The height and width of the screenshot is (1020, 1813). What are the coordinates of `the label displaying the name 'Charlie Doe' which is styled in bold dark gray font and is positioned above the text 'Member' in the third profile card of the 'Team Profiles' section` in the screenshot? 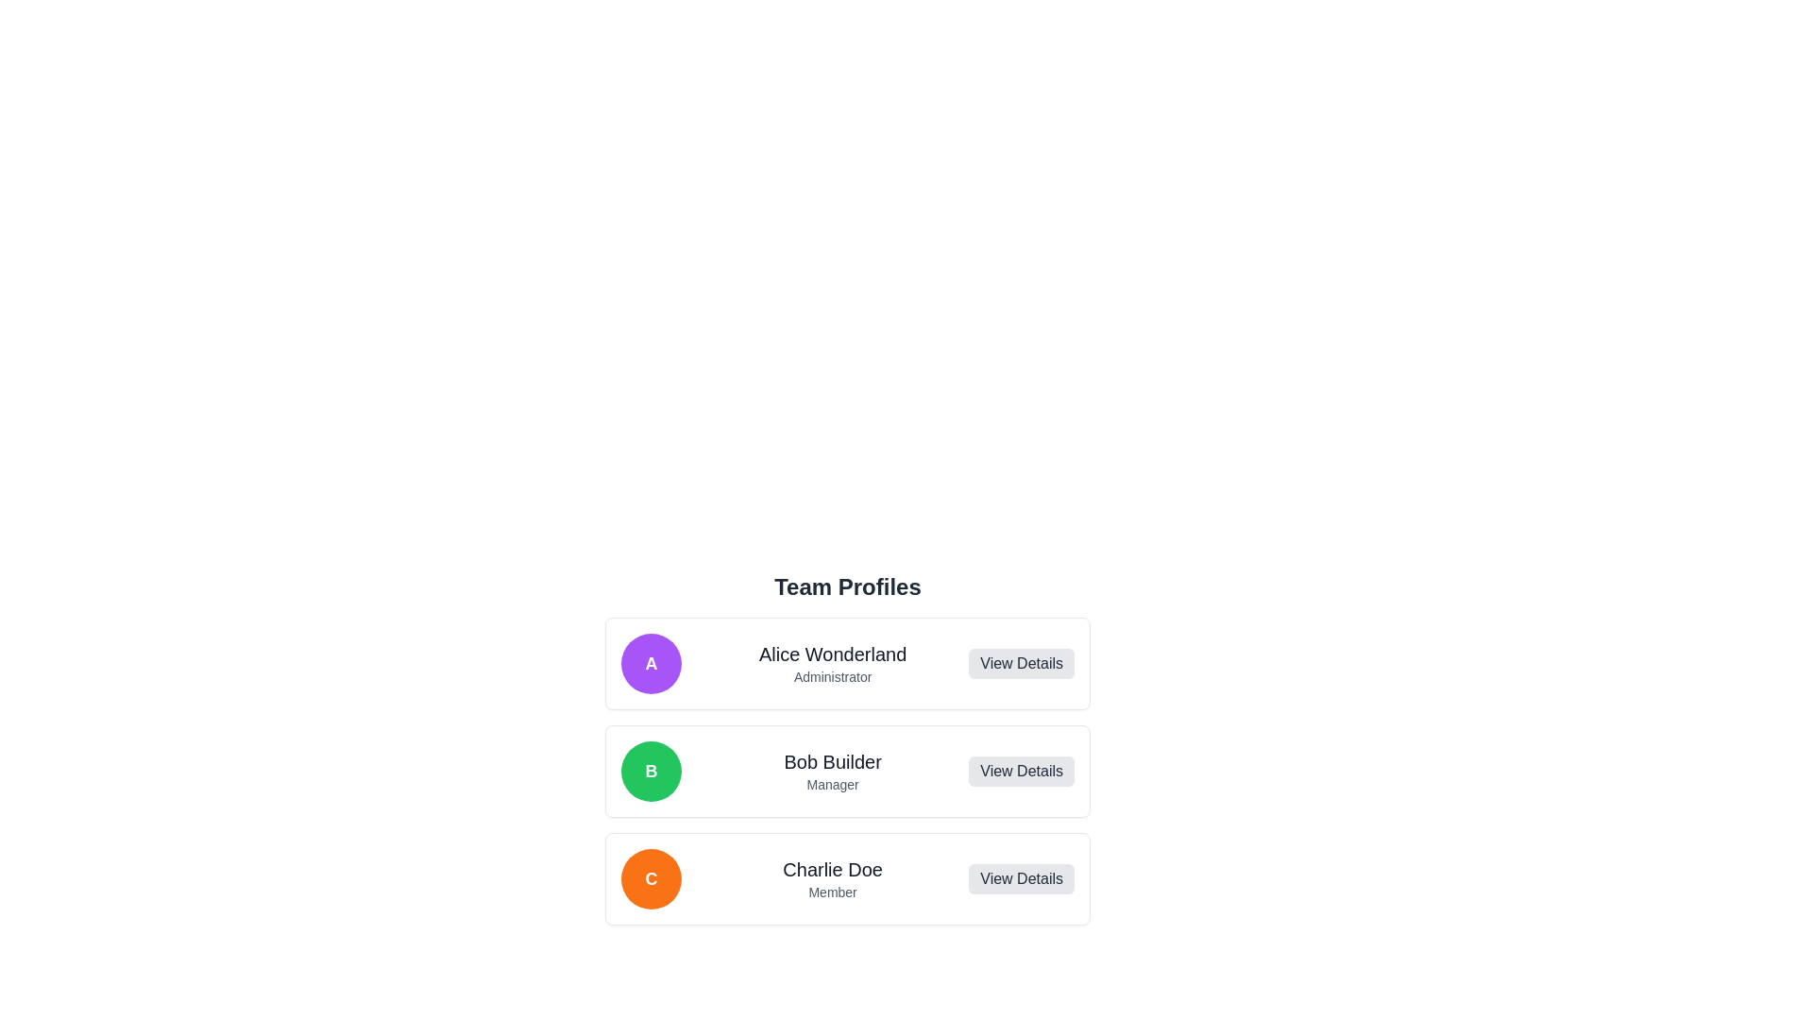 It's located at (832, 870).